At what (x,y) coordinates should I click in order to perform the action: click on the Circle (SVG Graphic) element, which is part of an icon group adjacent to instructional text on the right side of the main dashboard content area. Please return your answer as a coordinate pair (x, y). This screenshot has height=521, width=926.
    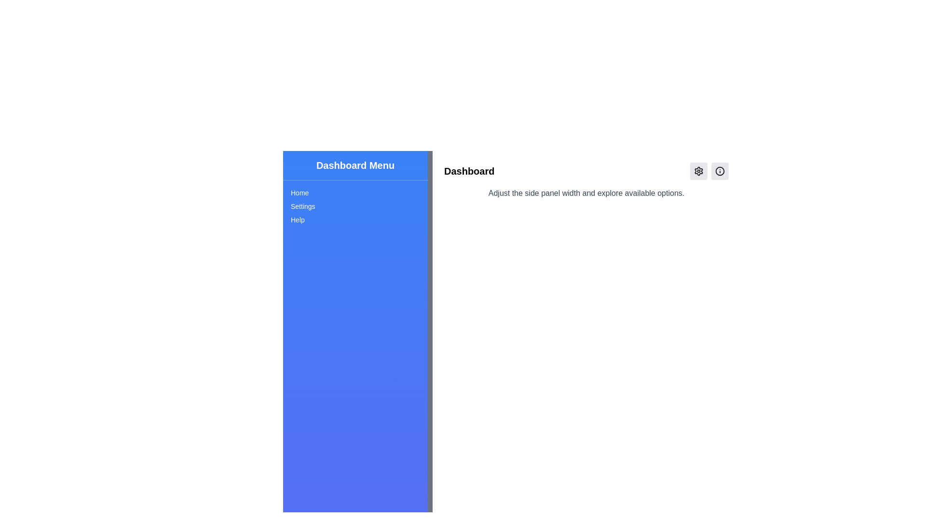
    Looking at the image, I should click on (720, 170).